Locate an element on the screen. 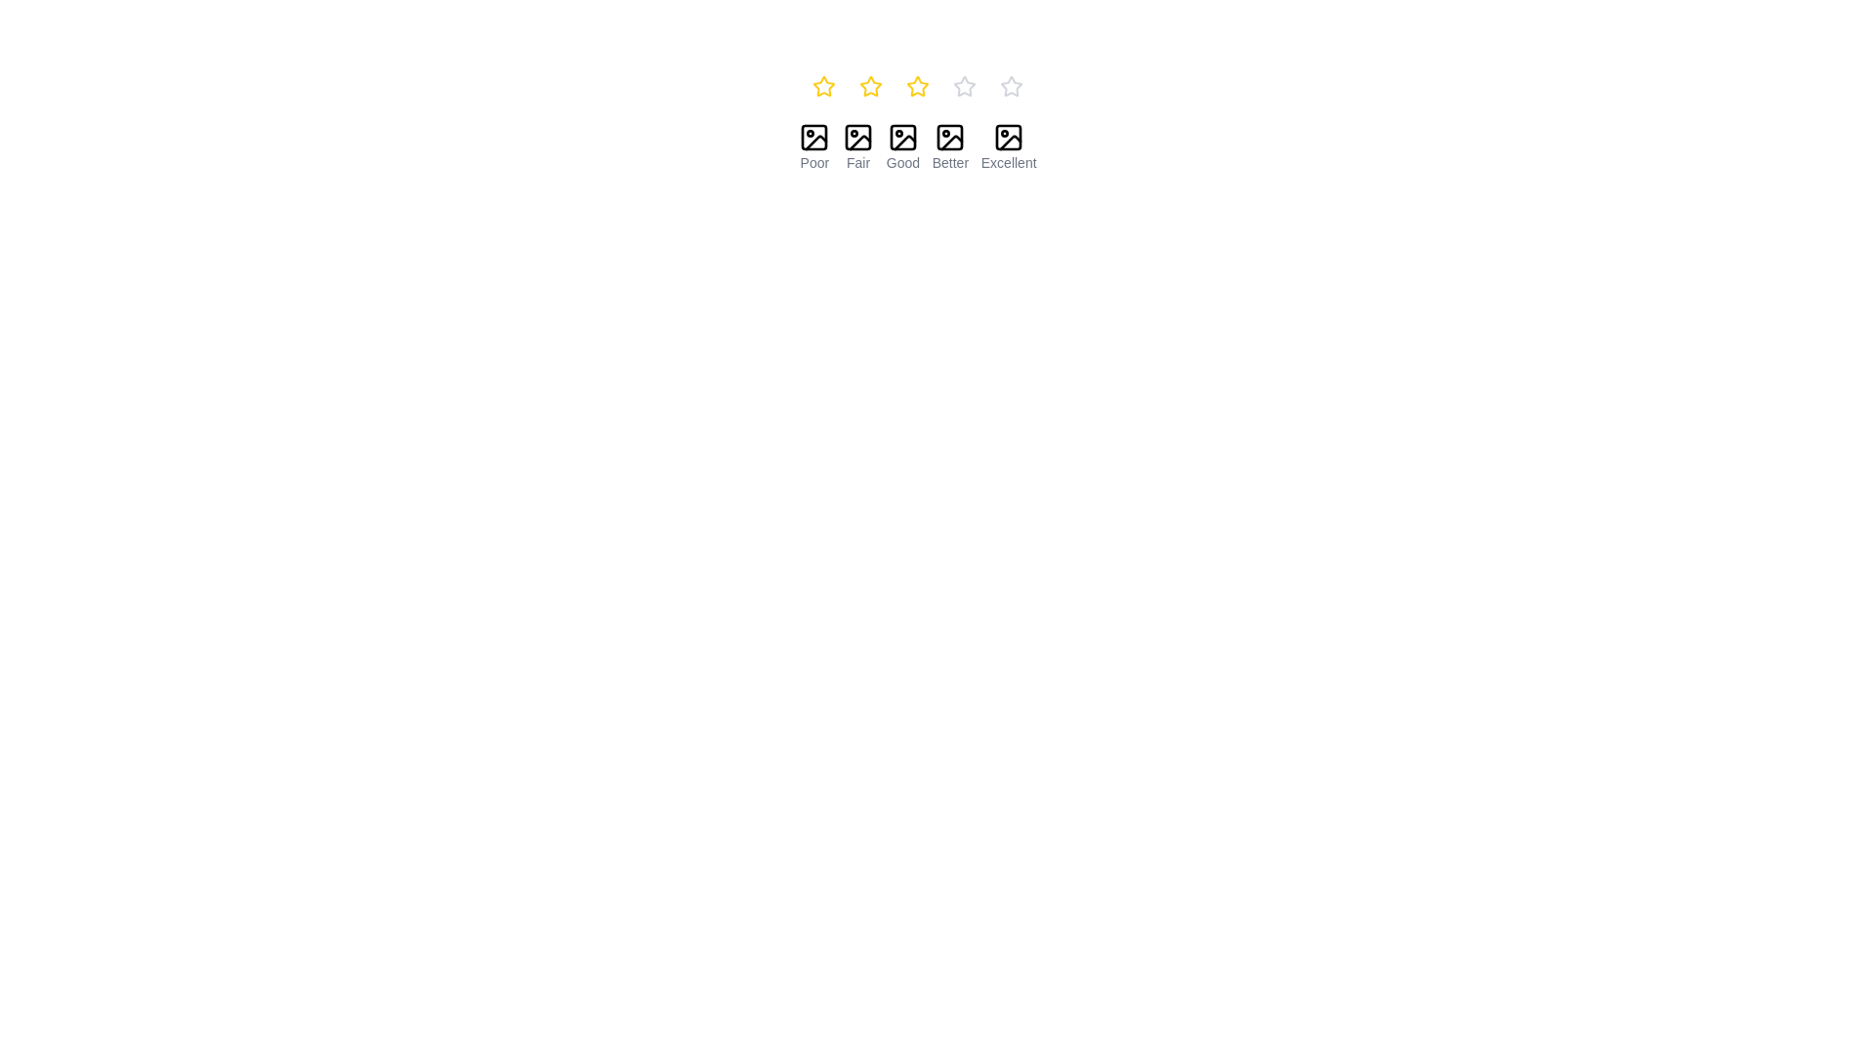 The image size is (1875, 1054). the fourth star icon in the rating selection is located at coordinates (965, 85).